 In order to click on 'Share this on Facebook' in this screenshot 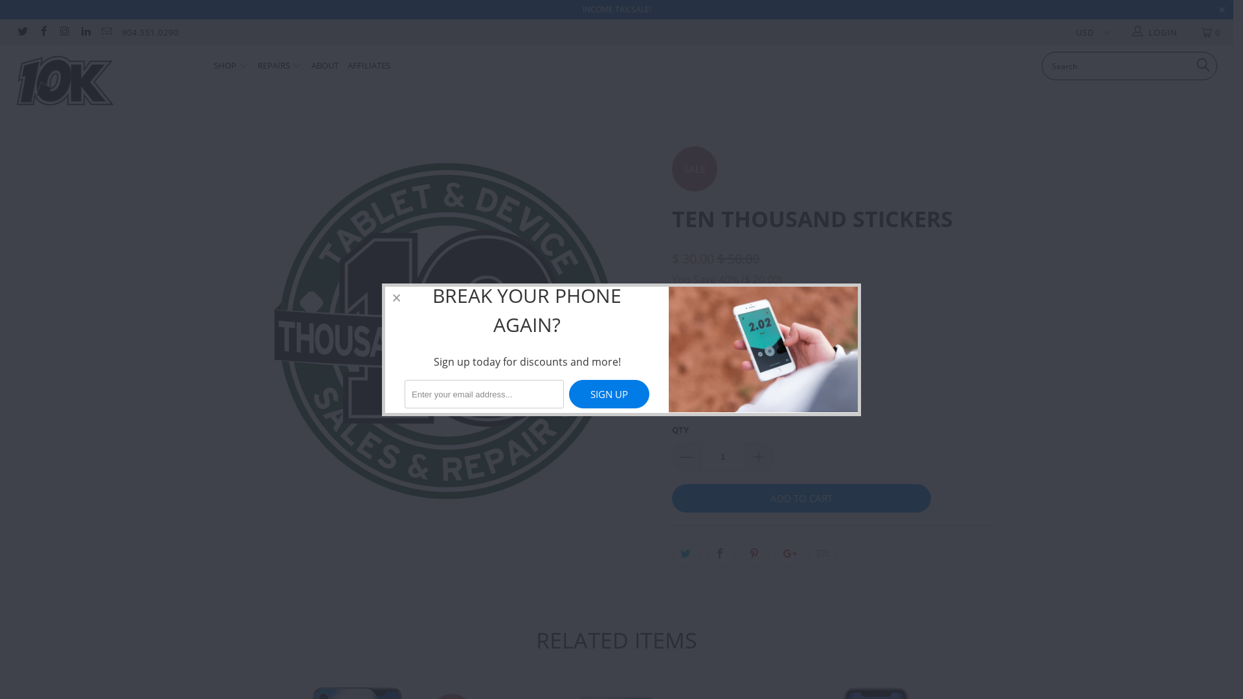, I will do `click(704, 553)`.